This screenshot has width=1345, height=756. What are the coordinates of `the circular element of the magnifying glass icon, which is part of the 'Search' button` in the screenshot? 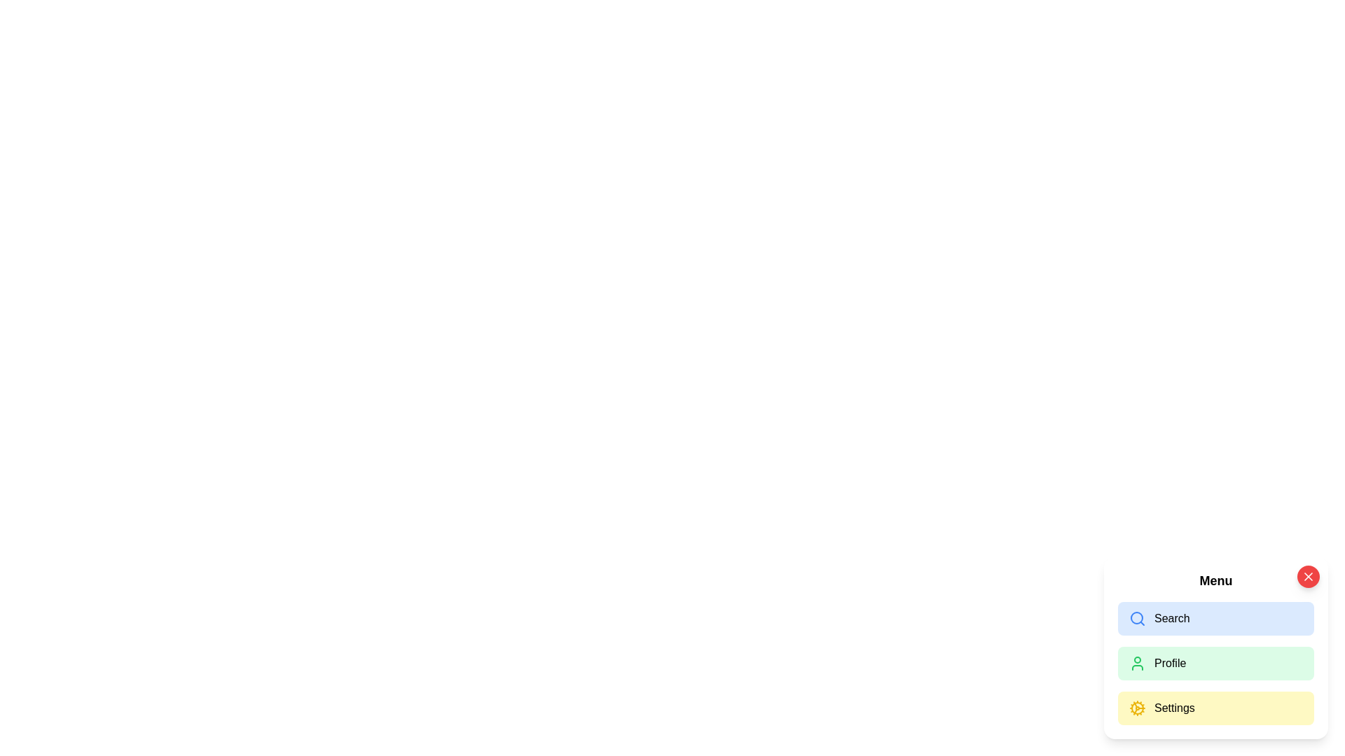 It's located at (1136, 617).